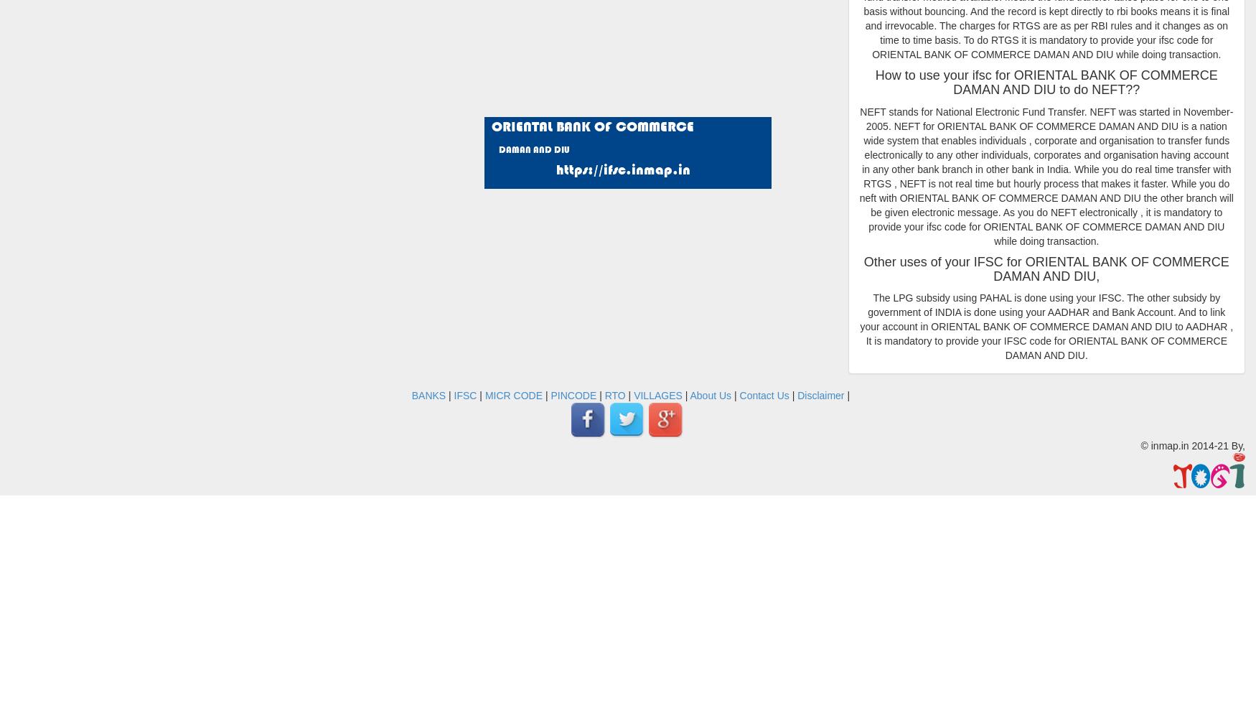 This screenshot has height=718, width=1256. I want to click on 'The LPG subsidy using PAHAL is done using your IFSC. The other subsidy by government of INDIA is done using your AADHAR and Bank Account. And to link your account in ORIENTAL BANK OF COMMERCE    DAMAN AND DIU to AADHAR , It is mandatory to provide your IFSC code for ORIENTAL BANK OF COMMERCE    DAMAN AND DIU.', so click(1046, 326).